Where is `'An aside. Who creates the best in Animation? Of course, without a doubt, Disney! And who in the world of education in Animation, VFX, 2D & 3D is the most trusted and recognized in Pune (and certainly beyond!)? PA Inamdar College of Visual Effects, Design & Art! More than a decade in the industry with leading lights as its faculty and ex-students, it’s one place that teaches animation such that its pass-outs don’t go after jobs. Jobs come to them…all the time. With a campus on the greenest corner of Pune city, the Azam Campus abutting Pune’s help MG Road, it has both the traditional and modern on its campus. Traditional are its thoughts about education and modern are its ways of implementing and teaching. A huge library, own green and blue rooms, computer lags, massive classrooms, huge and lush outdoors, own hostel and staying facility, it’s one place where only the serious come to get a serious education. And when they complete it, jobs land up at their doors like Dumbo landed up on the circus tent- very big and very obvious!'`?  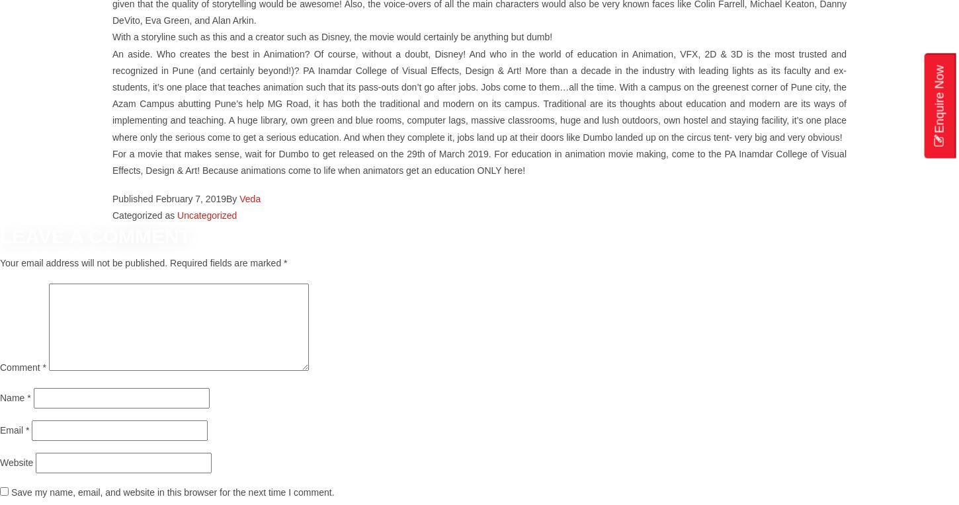 'An aside. Who creates the best in Animation? Of course, without a doubt, Disney! And who in the world of education in Animation, VFX, 2D & 3D is the most trusted and recognized in Pune (and certainly beyond!)? PA Inamdar College of Visual Effects, Design & Art! More than a decade in the industry with leading lights as its faculty and ex-students, it’s one place that teaches animation such that its pass-outs don’t go after jobs. Jobs come to them…all the time. With a campus on the greenest corner of Pune city, the Azam Campus abutting Pune’s help MG Road, it has both the traditional and modern on its campus. Traditional are its thoughts about education and modern are its ways of implementing and teaching. A huge library, own green and blue rooms, computer lags, massive classrooms, huge and lush outdoors, own hostel and staying facility, it’s one place where only the serious come to get a serious education. And when they complete it, jobs land up at their doors like Dumbo landed up on the circus tent- very big and very obvious!' is located at coordinates (479, 95).